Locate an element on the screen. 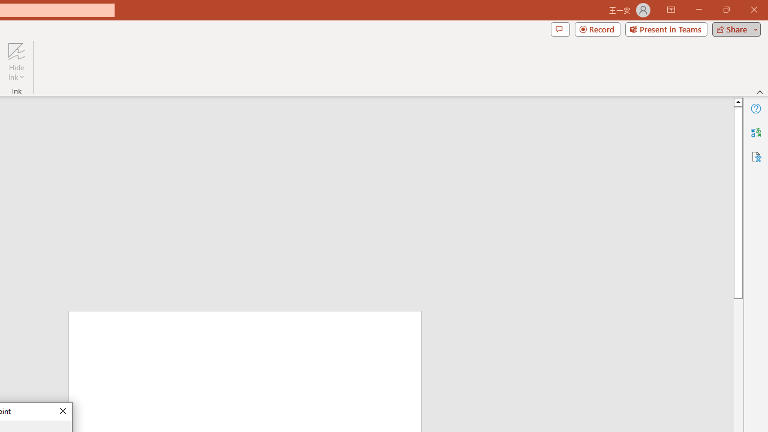 The width and height of the screenshot is (768, 432). 'Present in Teams' is located at coordinates (665, 28).